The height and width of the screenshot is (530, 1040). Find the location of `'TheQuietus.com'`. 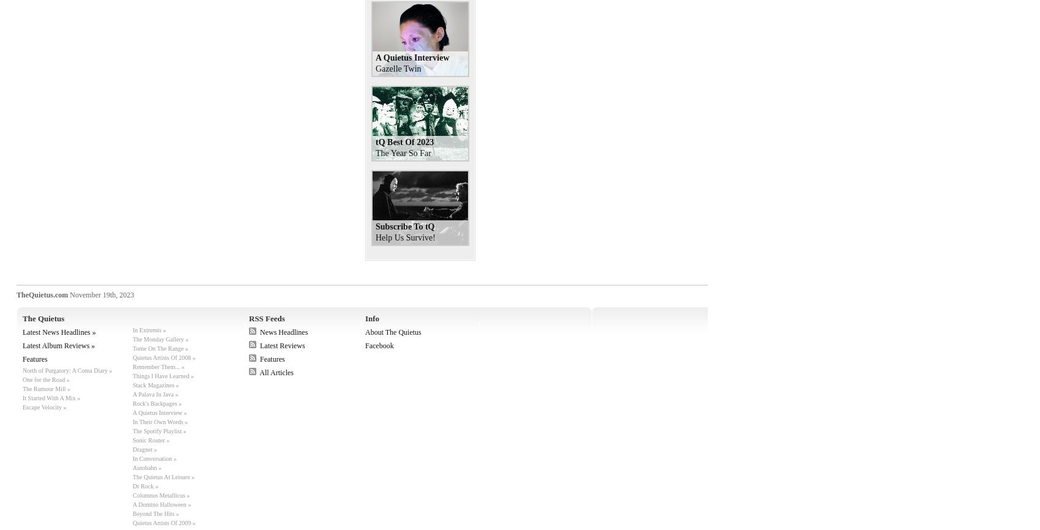

'TheQuietus.com' is located at coordinates (42, 295).